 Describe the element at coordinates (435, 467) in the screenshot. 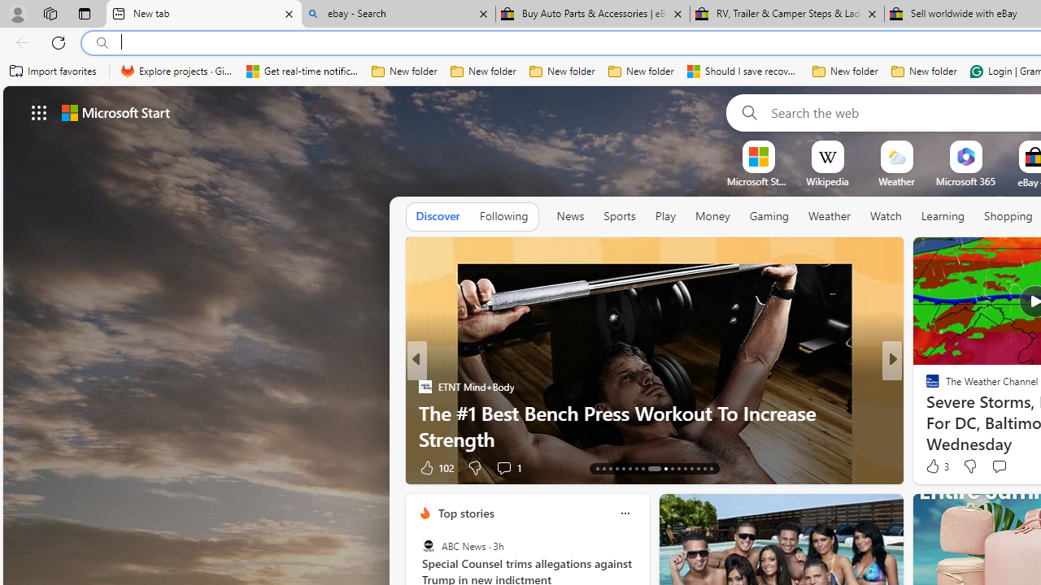

I see `'102 Like'` at that location.